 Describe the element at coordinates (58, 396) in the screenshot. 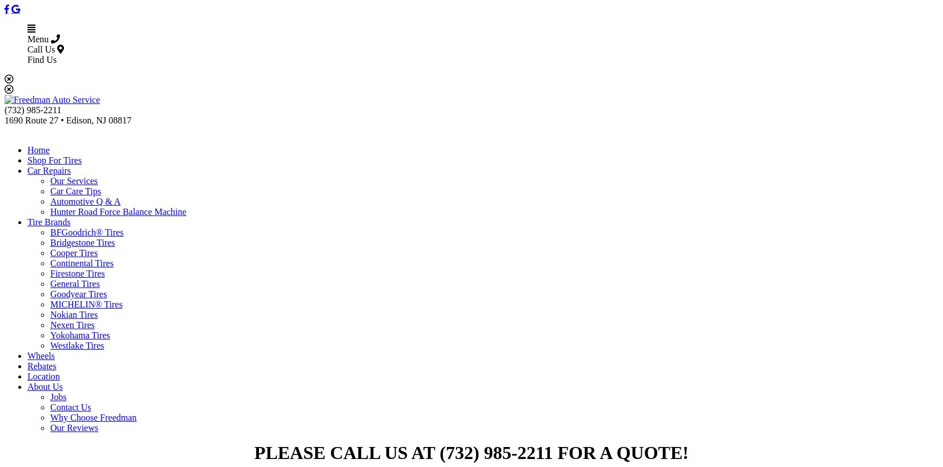

I see `'Jobs'` at that location.